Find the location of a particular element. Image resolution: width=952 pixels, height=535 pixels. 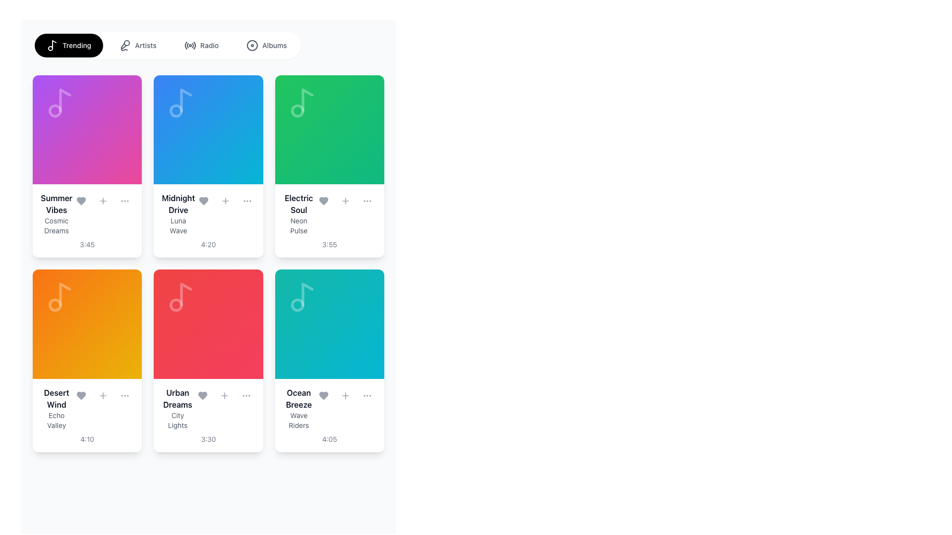

text label displaying 'Summer Vibes', which is styled in bold font and has a dark gray color, located above the subtitle 'Cosmic Dreams' within a rectangular card with a purple gradient background is located at coordinates (56, 204).